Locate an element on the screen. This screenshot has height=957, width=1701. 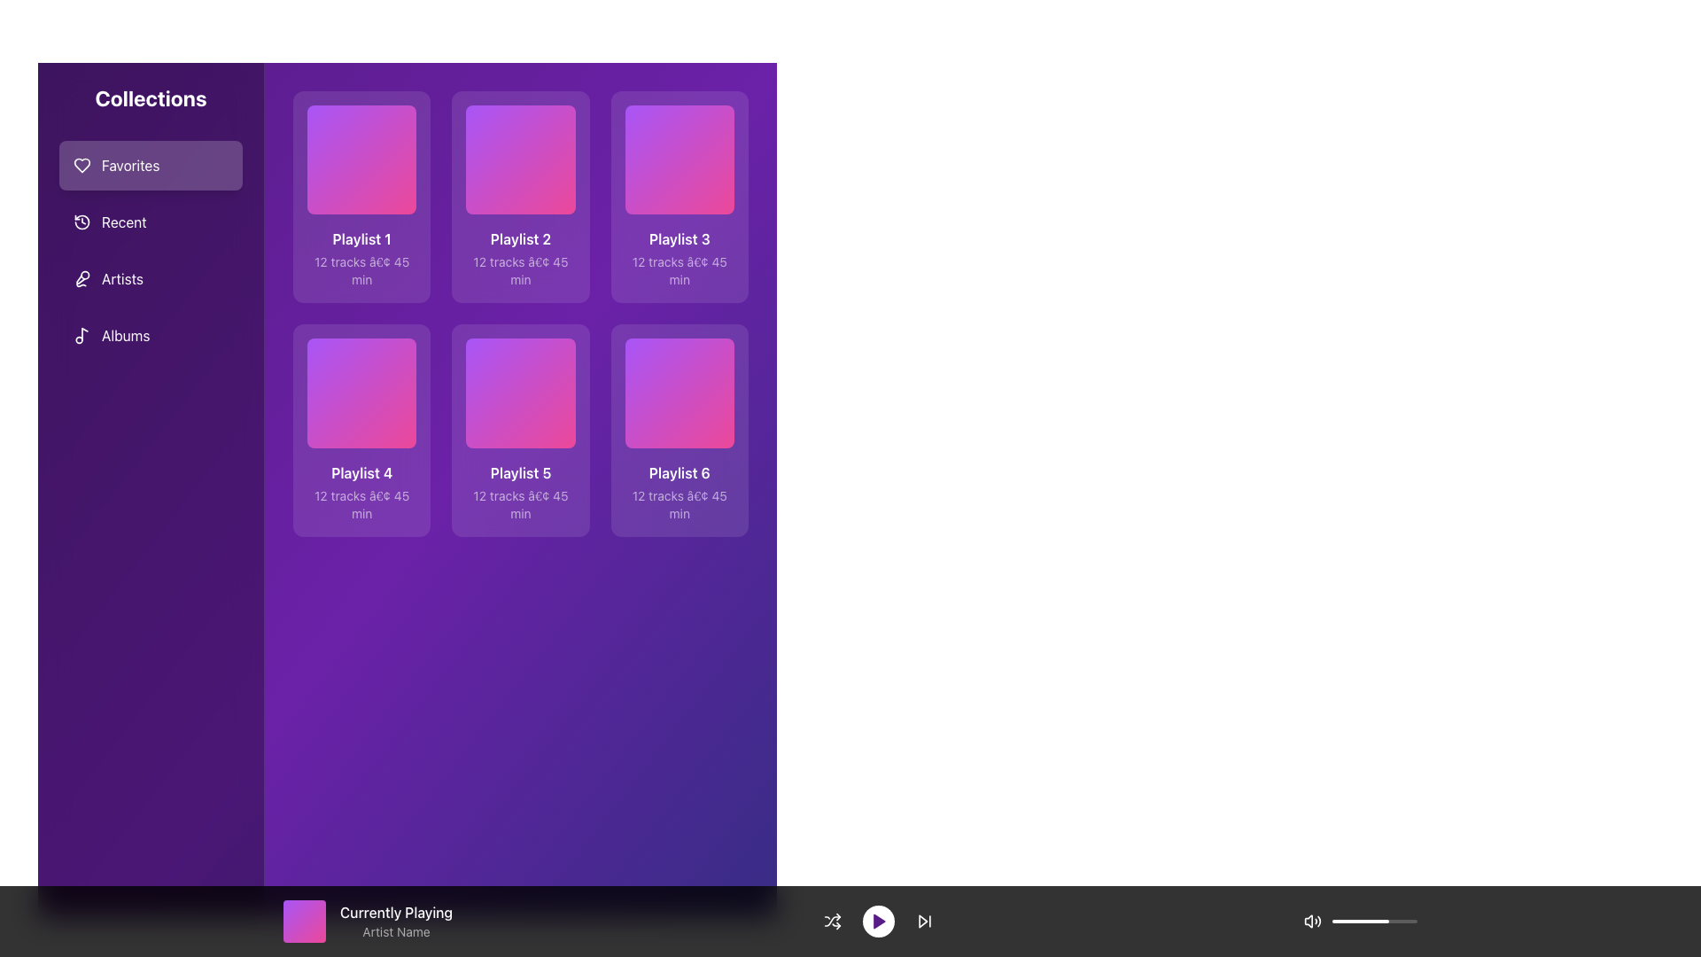
the label displaying '12 tracks • 45 min' located within the 'Playlist 2' card, positioned below the title 'Playlist 2' is located at coordinates (519, 271).